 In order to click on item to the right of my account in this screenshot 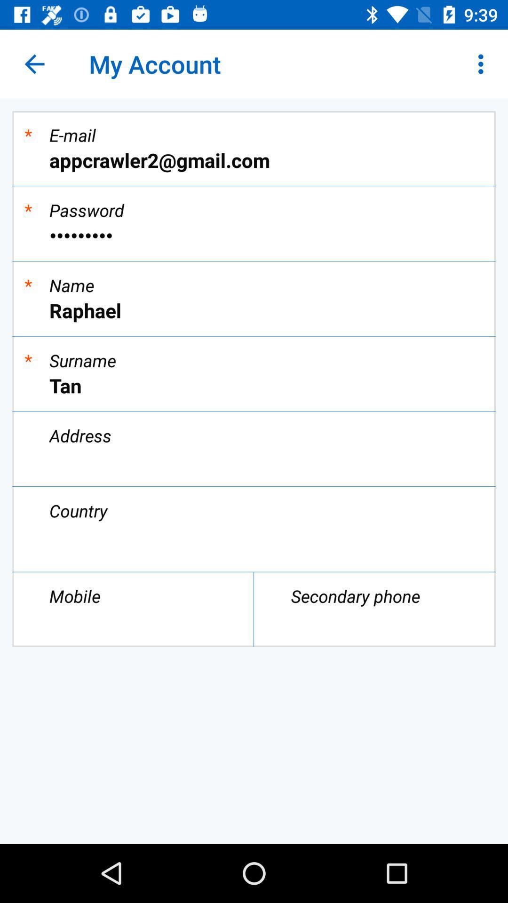, I will do `click(483, 63)`.